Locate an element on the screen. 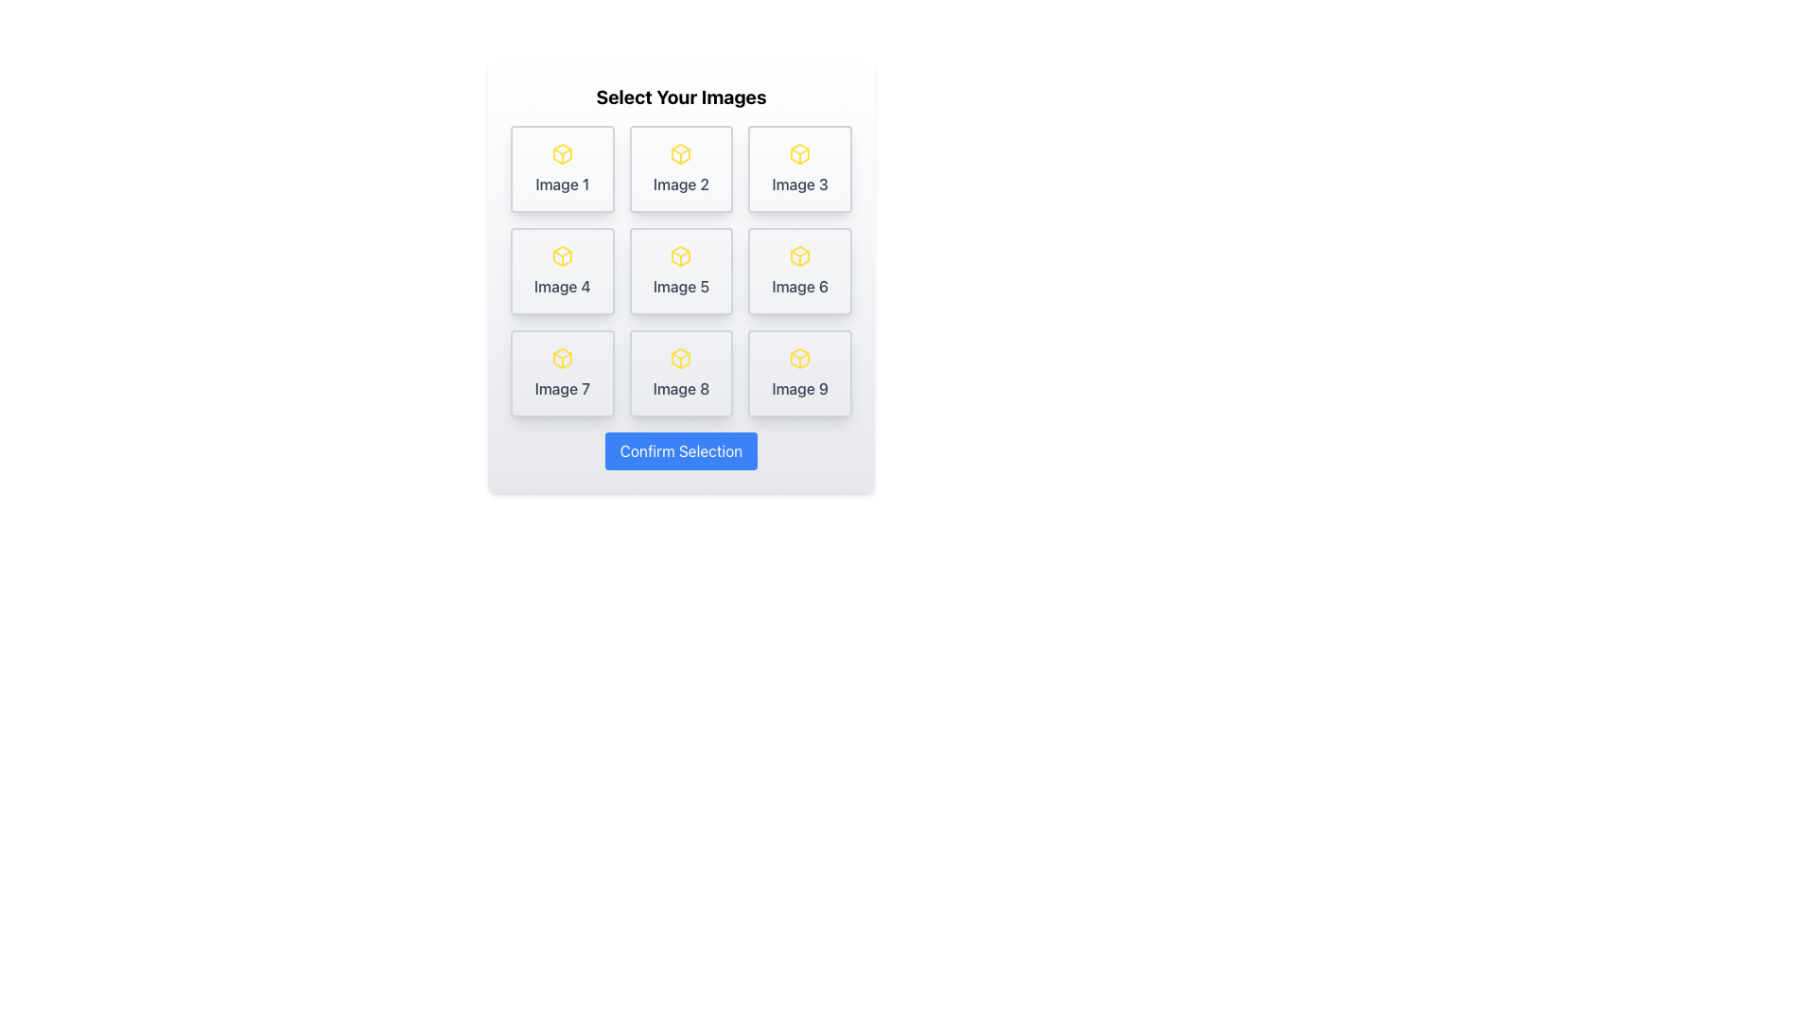 The image size is (1816, 1022). the SVG icon resembling a cube with a yellow stroke color, located at the center of the 'Image 5' card in a 3x3 grid layout is located at coordinates (681, 255).